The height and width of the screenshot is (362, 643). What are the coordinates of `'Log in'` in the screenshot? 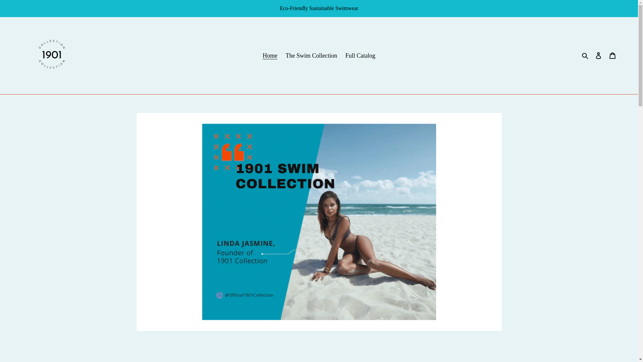 It's located at (598, 55).